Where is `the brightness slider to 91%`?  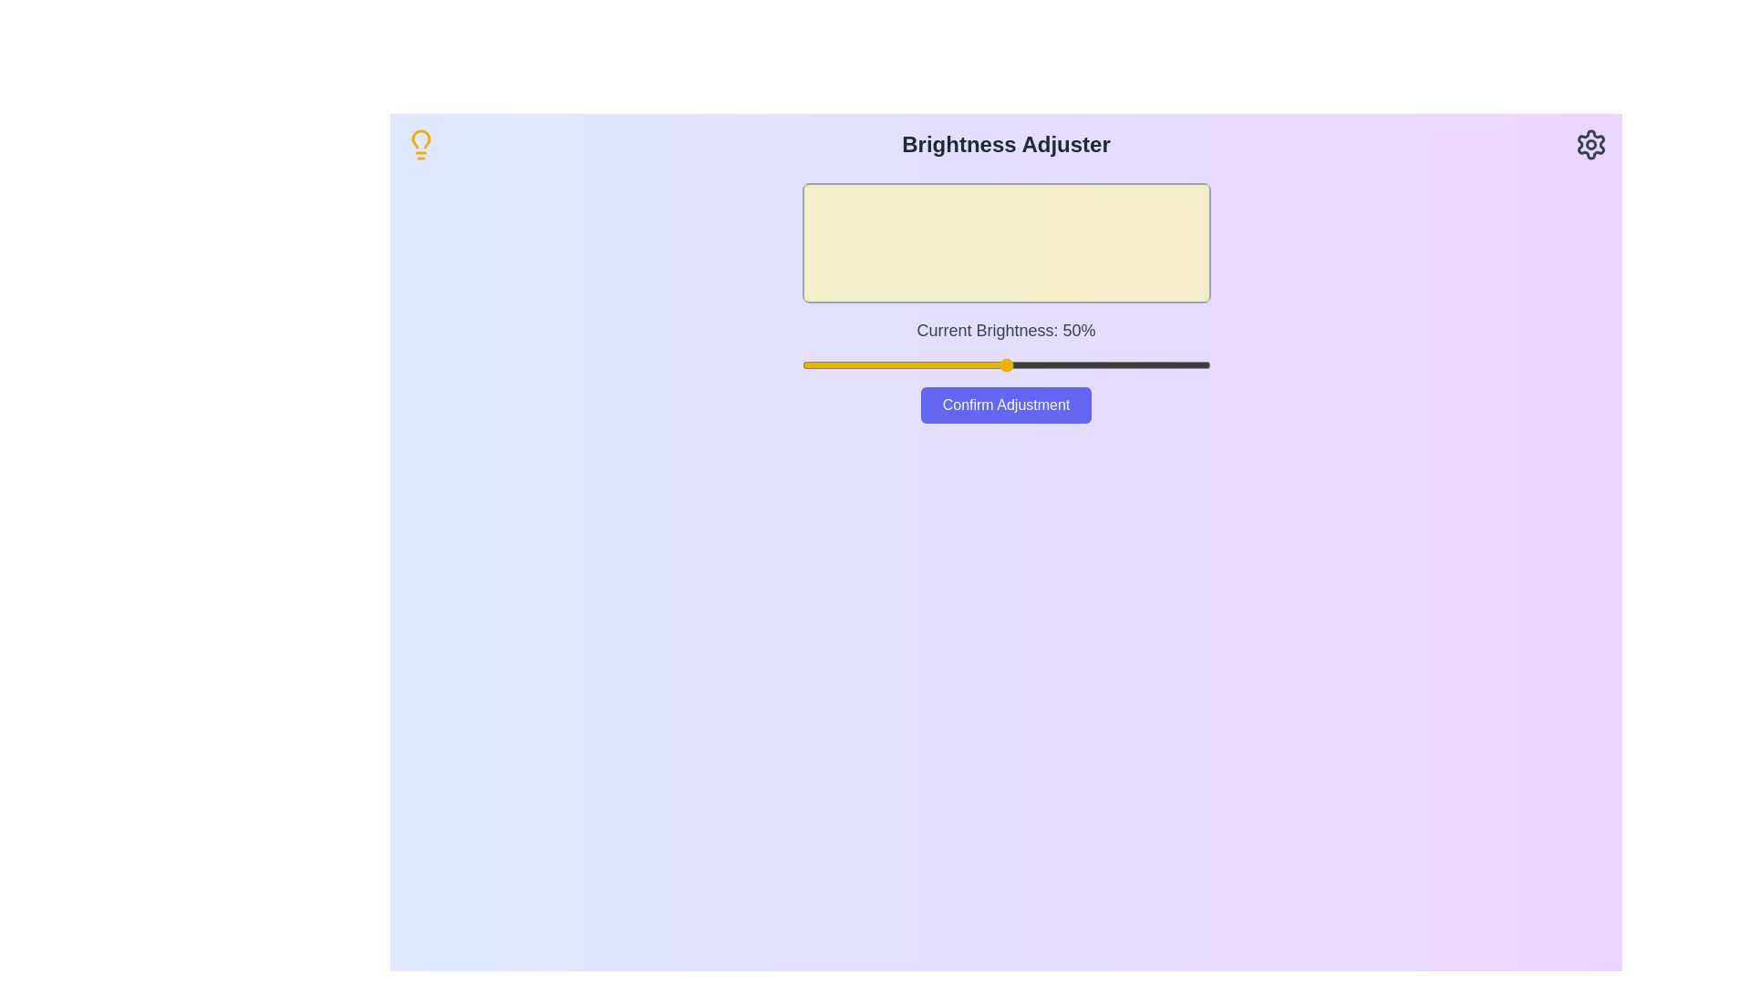
the brightness slider to 91% is located at coordinates (1174, 365).